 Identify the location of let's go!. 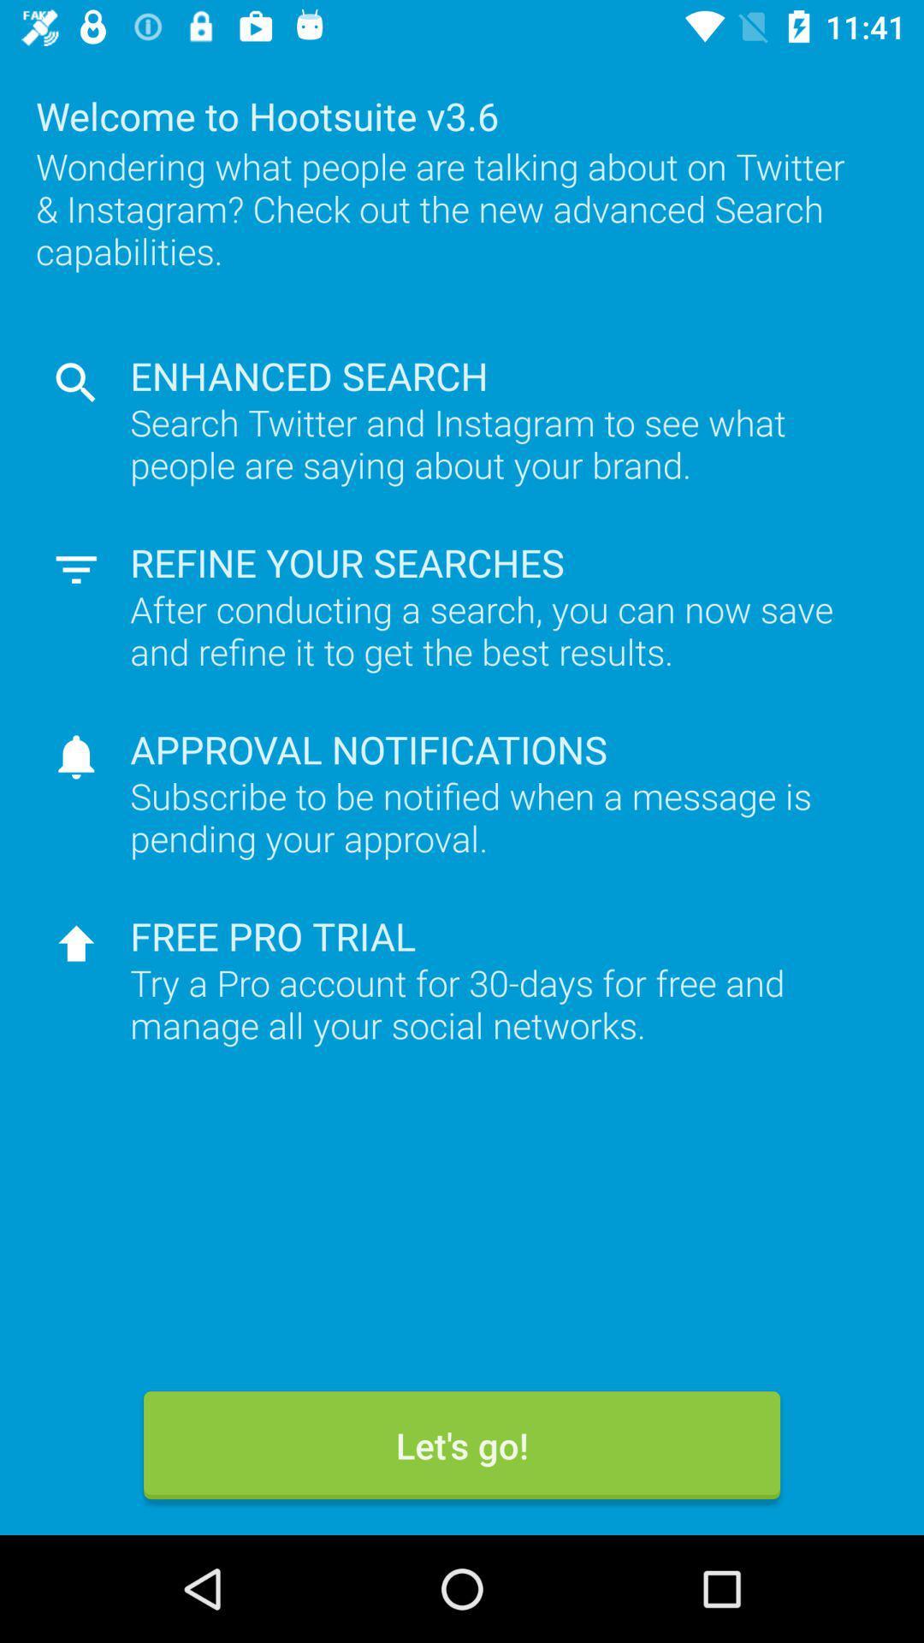
(462, 1444).